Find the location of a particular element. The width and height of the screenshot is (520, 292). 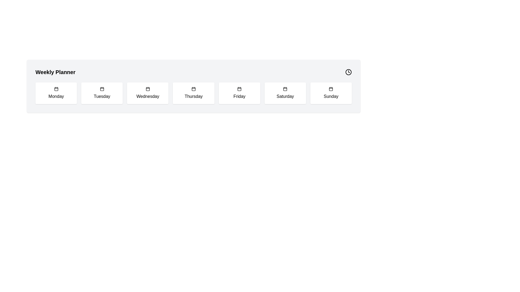

rounded rectangle element located inside the calendar icon associated with 'Monday', which is prominently displayed above the text 'Monday' is located at coordinates (56, 89).